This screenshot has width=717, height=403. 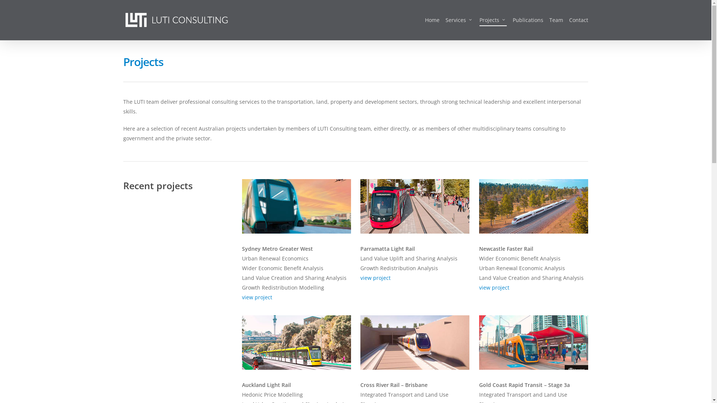 What do you see at coordinates (493, 20) in the screenshot?
I see `'Projects'` at bounding box center [493, 20].